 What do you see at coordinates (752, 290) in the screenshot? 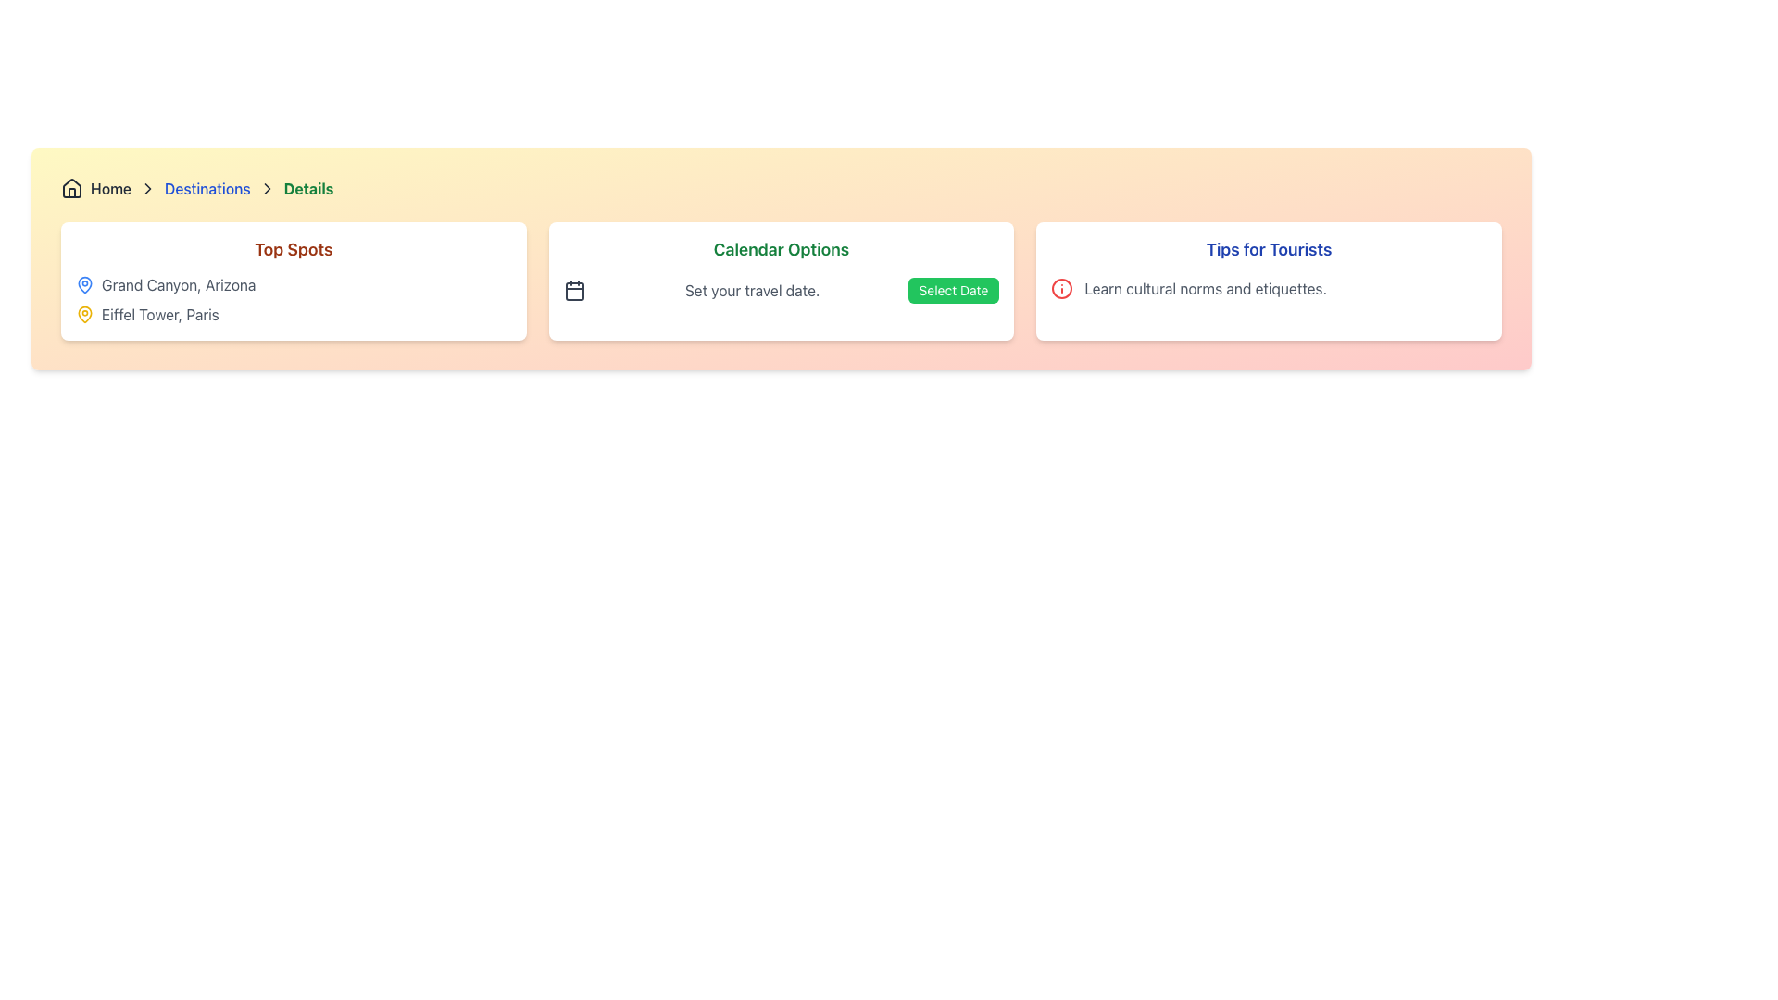
I see `the instructional text element that guides the user in selecting a travel date, located in the 'Calendar Options' card, positioned between the calendar icon and the 'Select Date' button` at bounding box center [752, 290].